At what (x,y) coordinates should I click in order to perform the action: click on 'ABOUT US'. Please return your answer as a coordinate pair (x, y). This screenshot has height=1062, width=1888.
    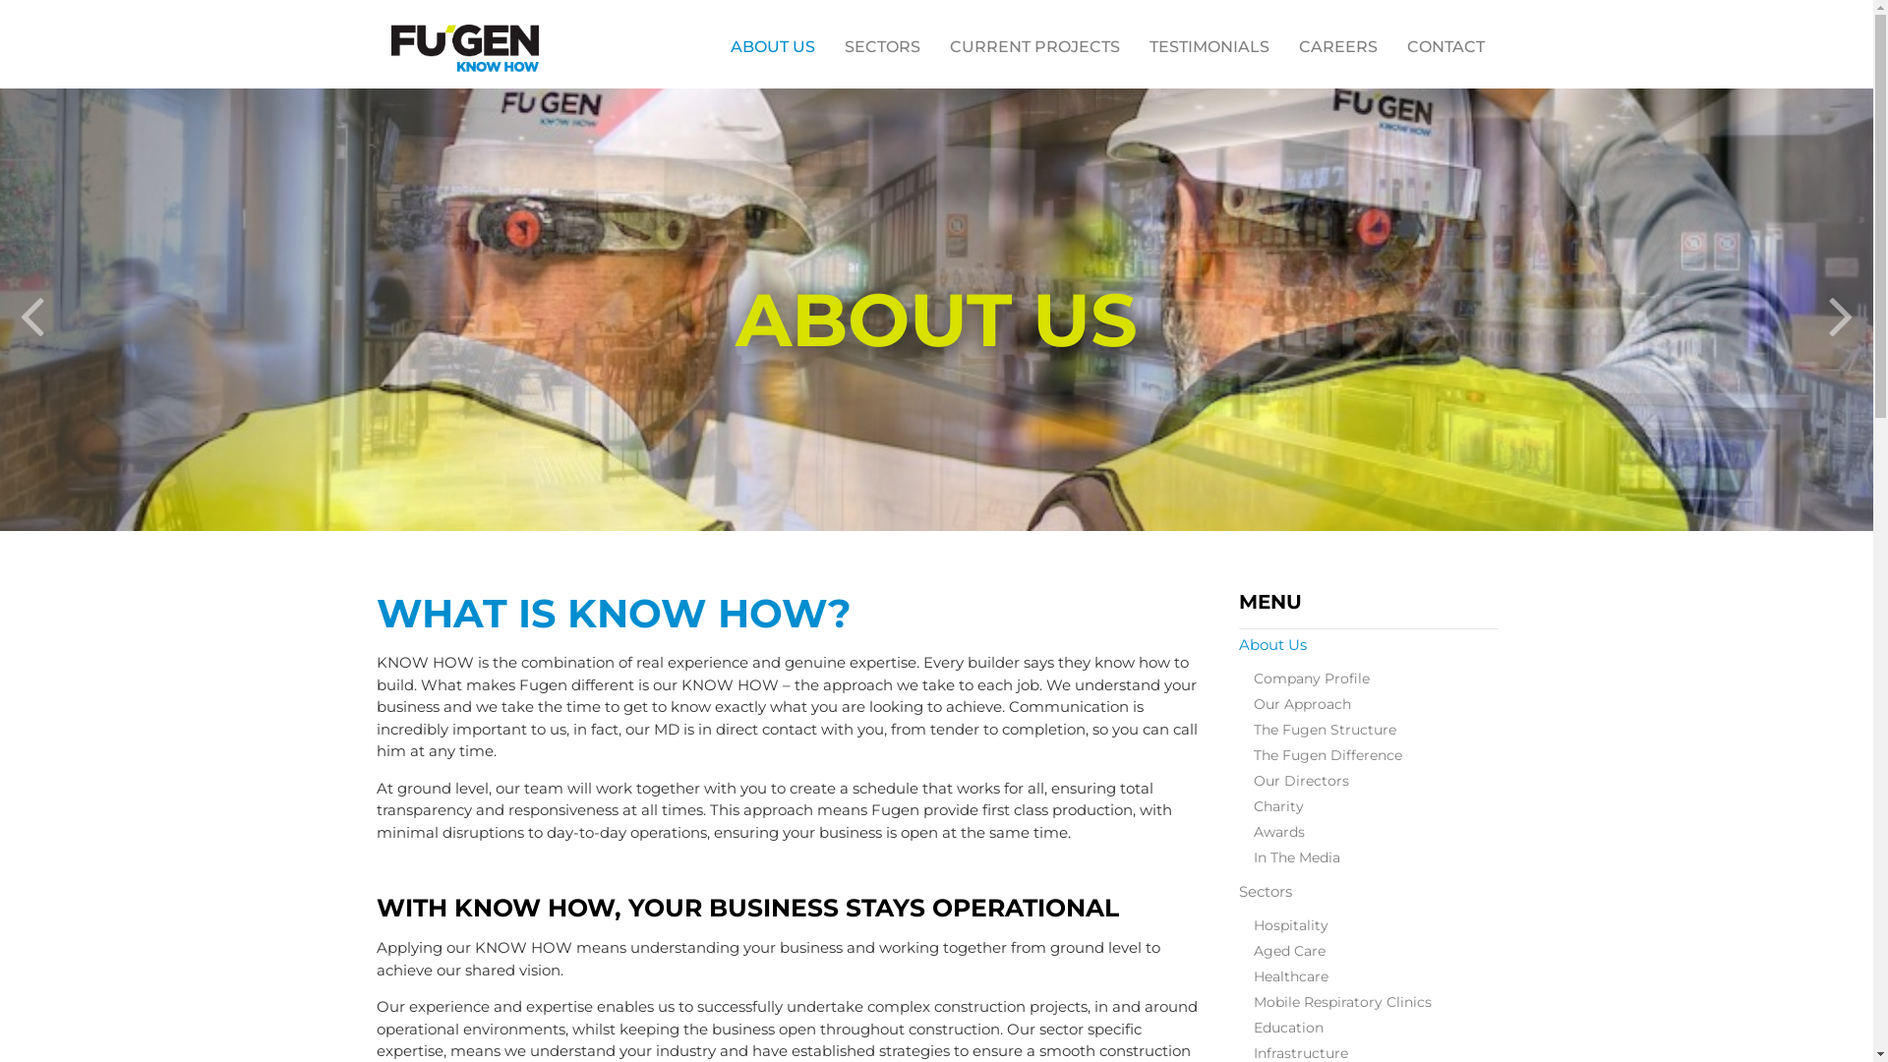
    Looking at the image, I should click on (772, 45).